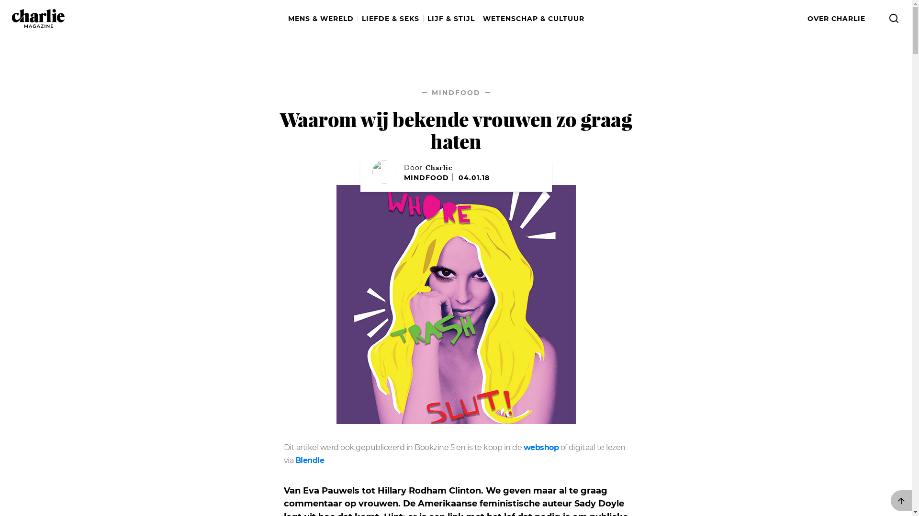 The width and height of the screenshot is (919, 516). Describe the element at coordinates (452, 19) in the screenshot. I see `'LIJF & STIJL'` at that location.